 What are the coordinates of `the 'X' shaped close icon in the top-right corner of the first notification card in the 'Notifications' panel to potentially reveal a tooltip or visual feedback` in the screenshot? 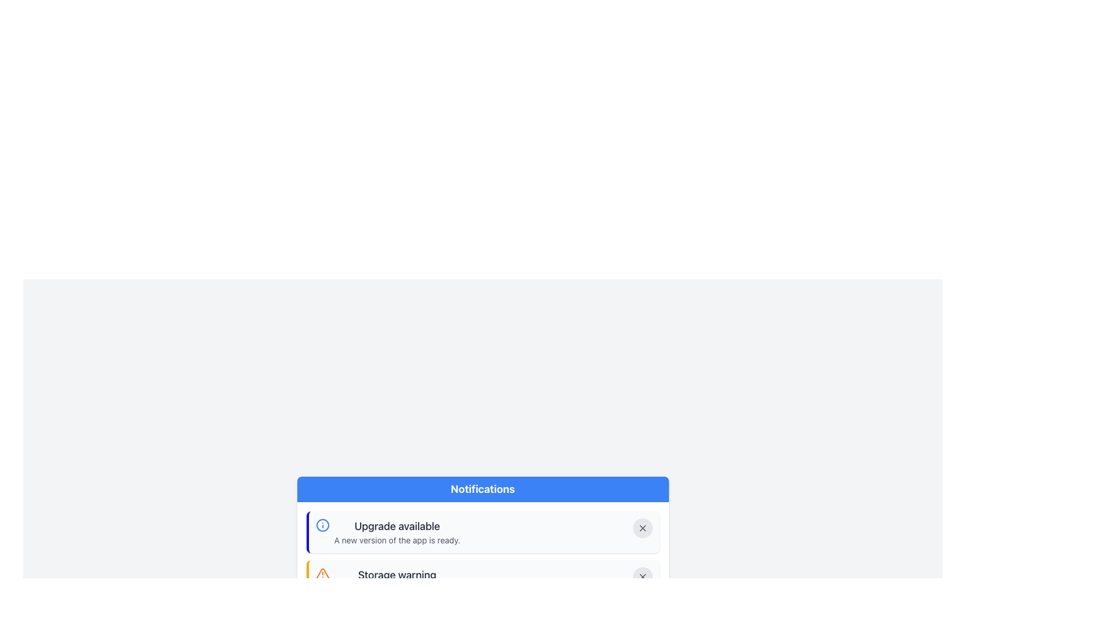 It's located at (642, 528).